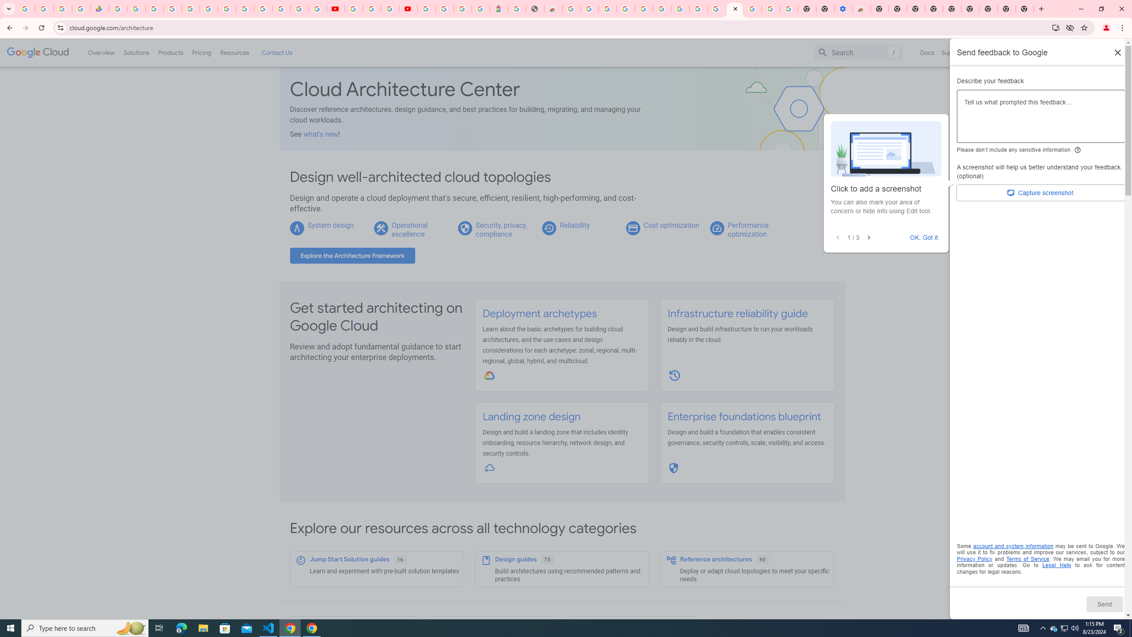  I want to click on 'Landing zone design', so click(531, 417).